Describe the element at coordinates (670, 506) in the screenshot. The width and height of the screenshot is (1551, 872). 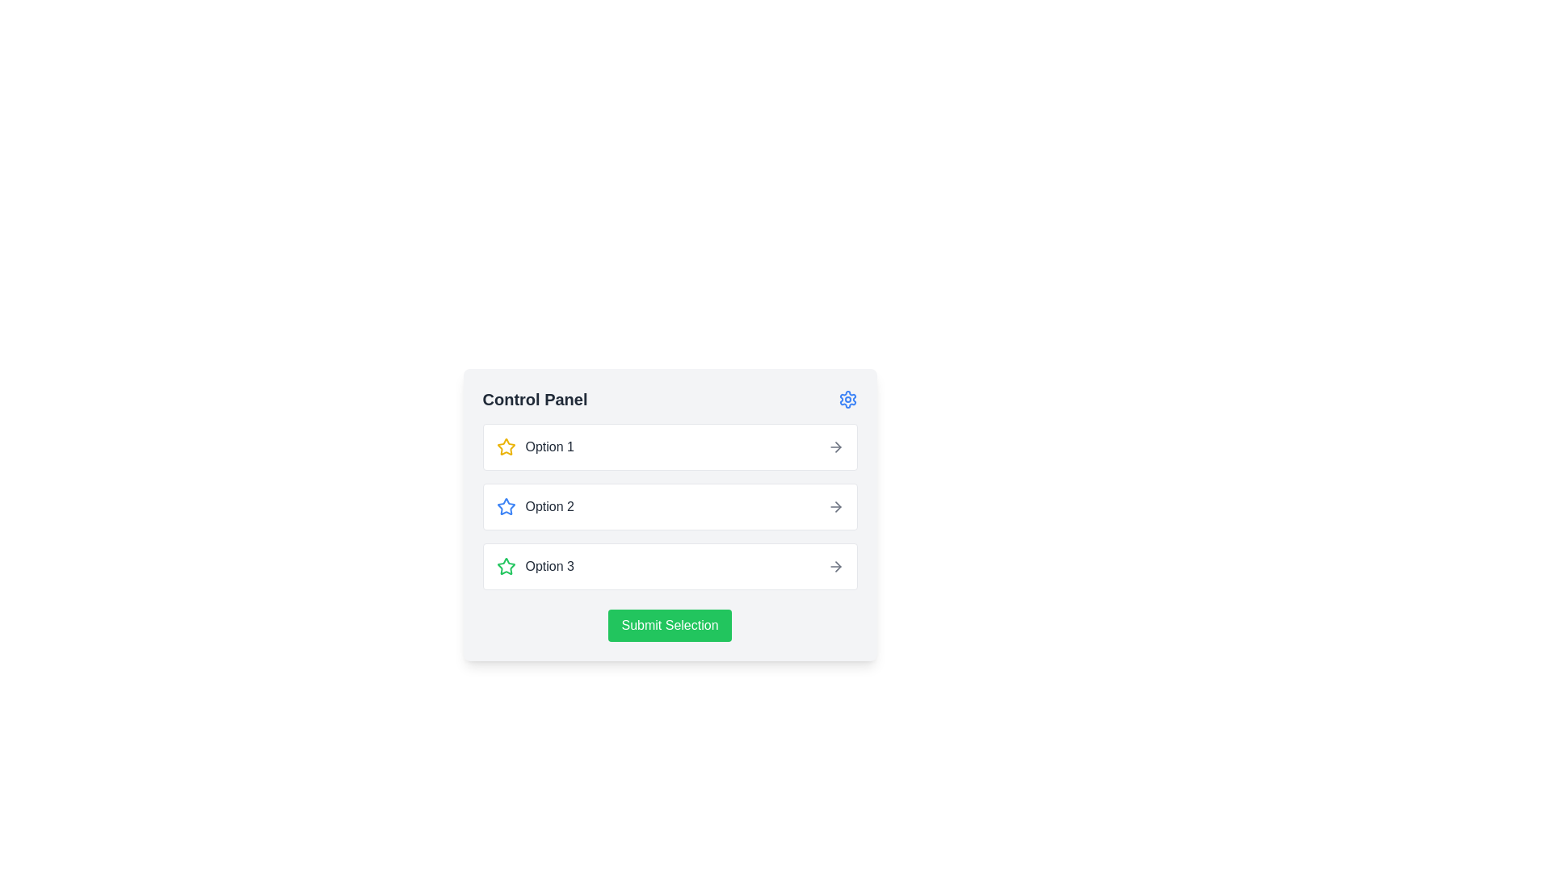
I see `an option in the selectable list component located in the 'Control Panel' section` at that location.